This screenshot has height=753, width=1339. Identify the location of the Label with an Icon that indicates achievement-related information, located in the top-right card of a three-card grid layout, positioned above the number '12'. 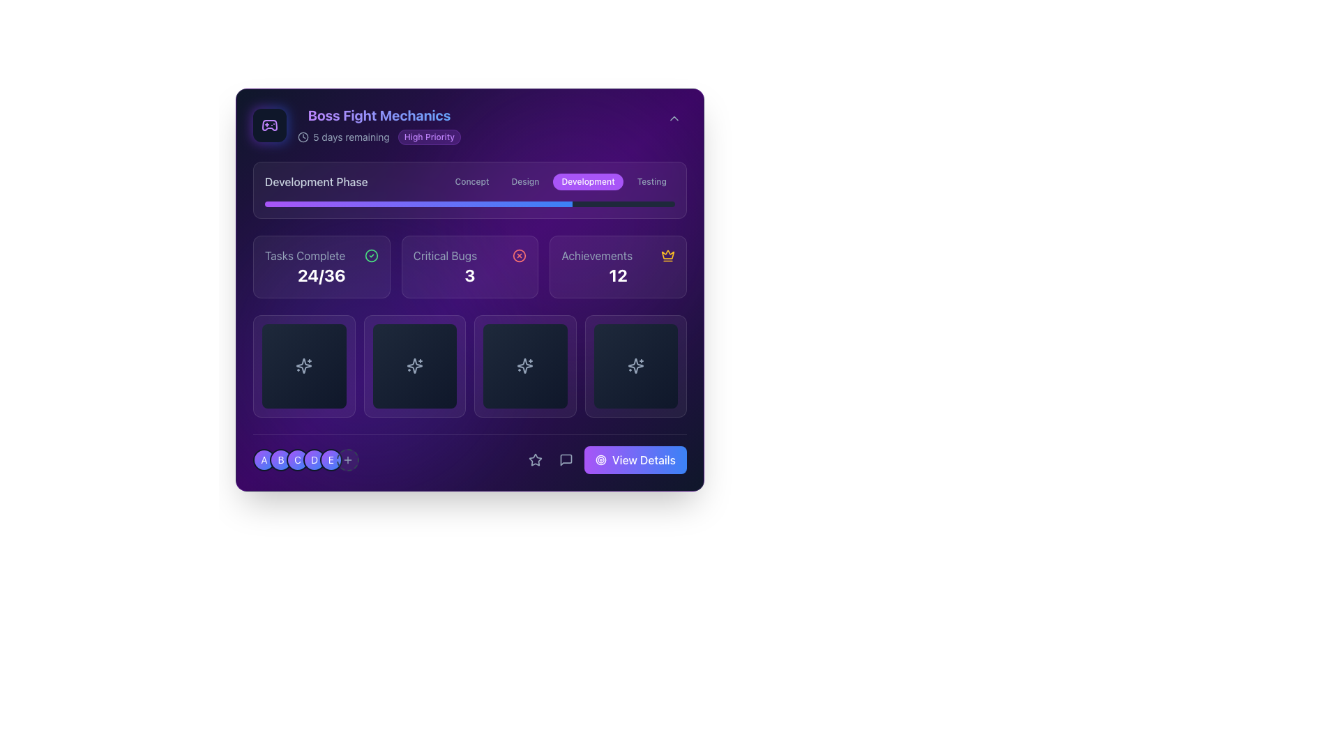
(617, 255).